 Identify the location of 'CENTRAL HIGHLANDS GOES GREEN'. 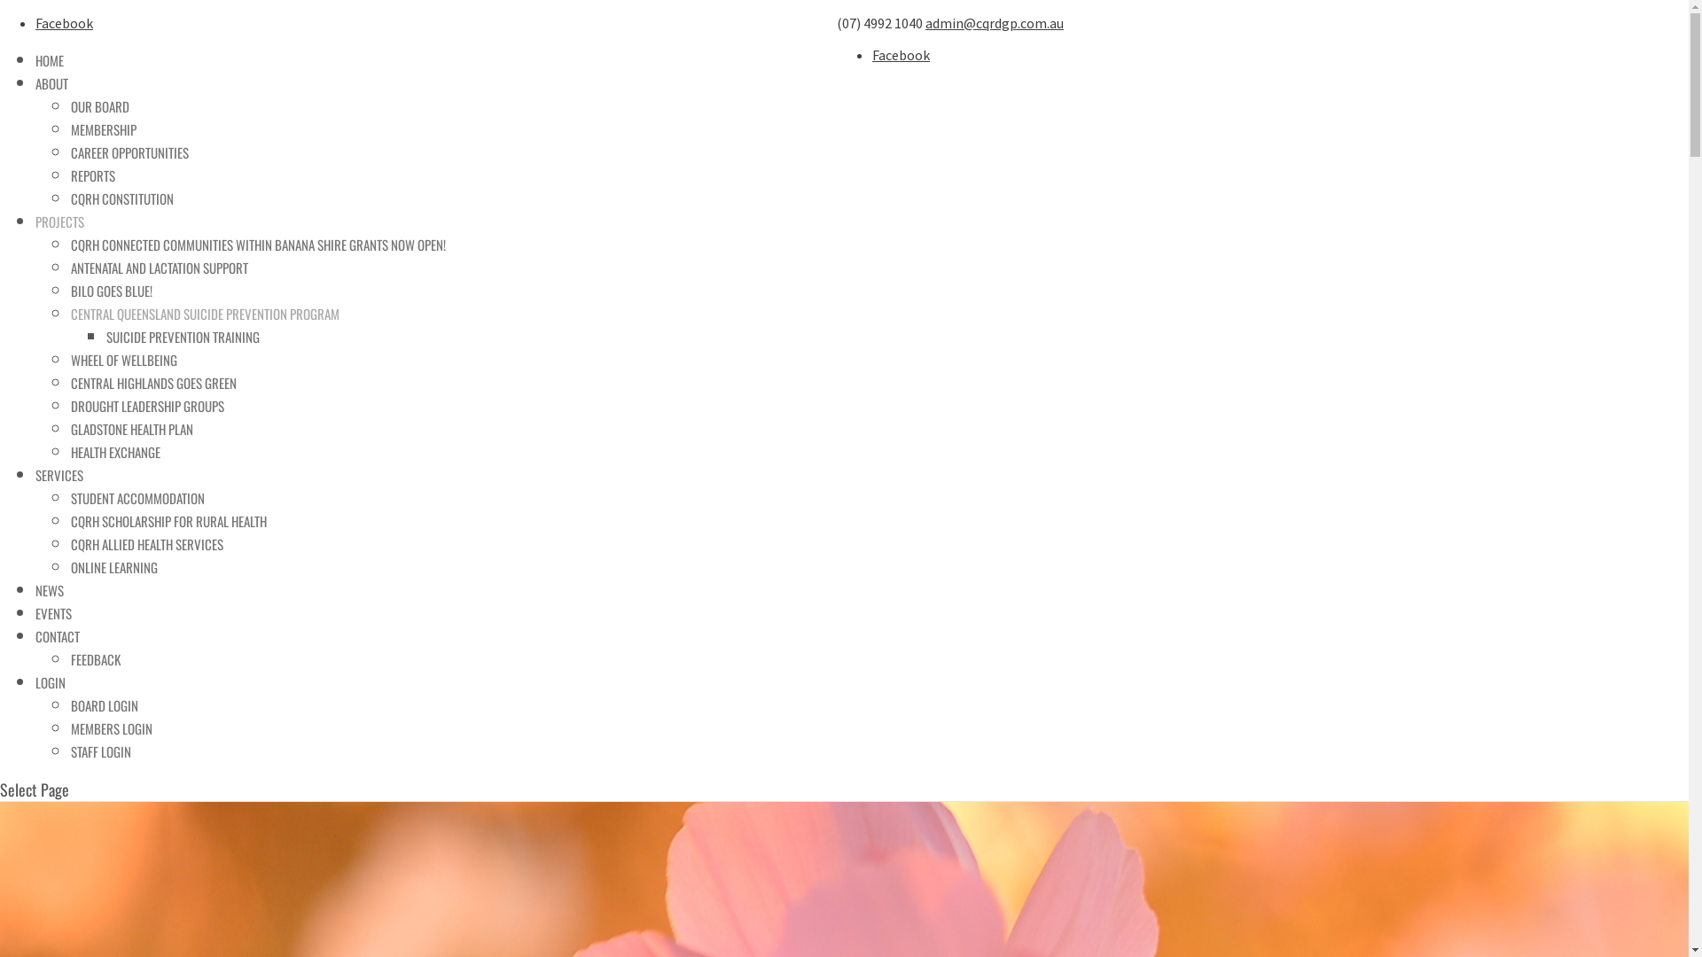
(153, 382).